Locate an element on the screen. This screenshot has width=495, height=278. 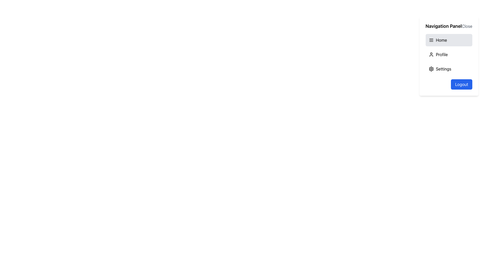
the 'Home' menu option located at the top of the navigation panel is located at coordinates (449, 40).